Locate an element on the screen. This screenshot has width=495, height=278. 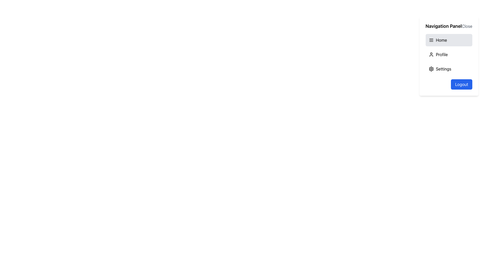
the 'Home' menu option located at the top of the navigation panel is located at coordinates (449, 40).